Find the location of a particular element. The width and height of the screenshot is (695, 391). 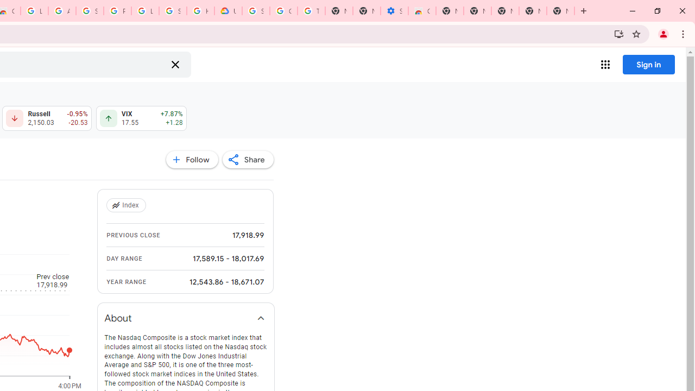

'Google apps' is located at coordinates (604, 65).